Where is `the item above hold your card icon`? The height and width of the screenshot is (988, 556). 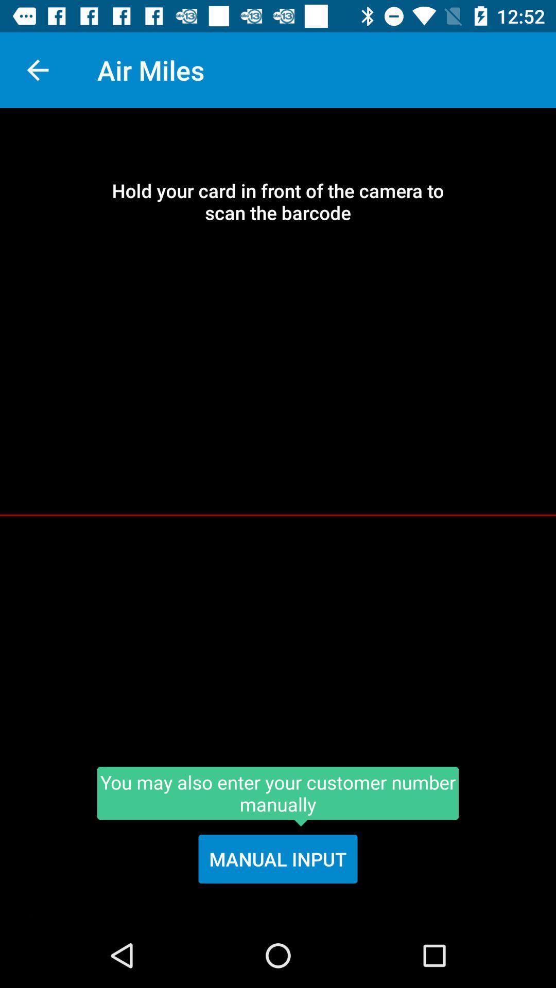 the item above hold your card icon is located at coordinates (37, 69).